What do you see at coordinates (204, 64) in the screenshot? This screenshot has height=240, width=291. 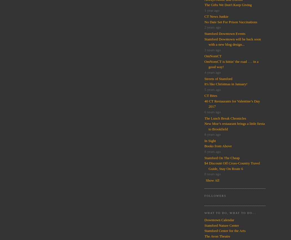 I see `'OmNomCT is hittin’ the road . . . in a good way!'` at bounding box center [204, 64].